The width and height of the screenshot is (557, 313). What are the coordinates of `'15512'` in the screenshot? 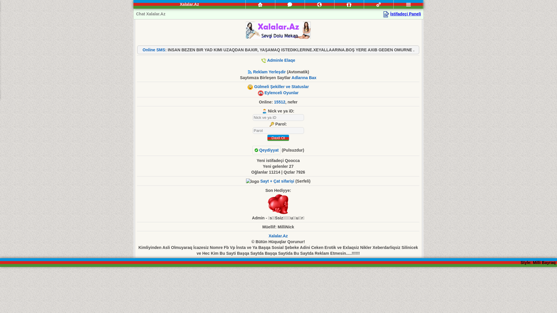 It's located at (280, 101).